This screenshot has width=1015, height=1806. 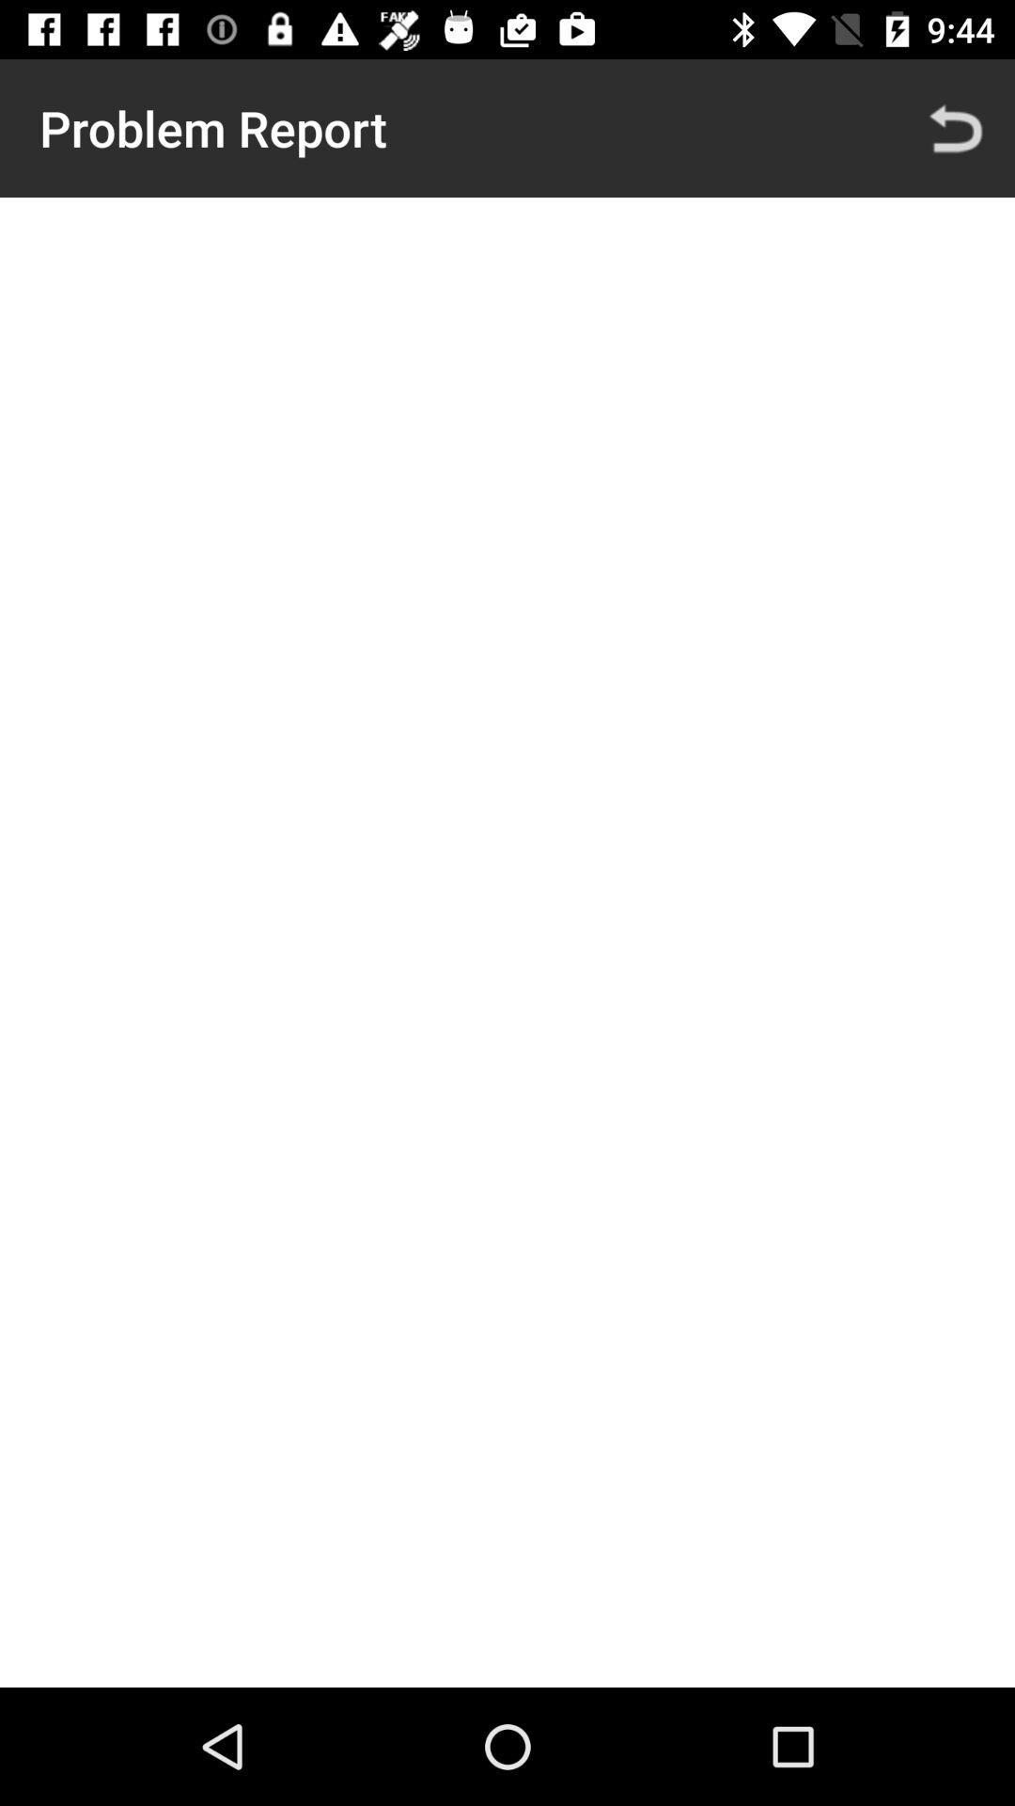 I want to click on the icon at the top right corner, so click(x=956, y=127).